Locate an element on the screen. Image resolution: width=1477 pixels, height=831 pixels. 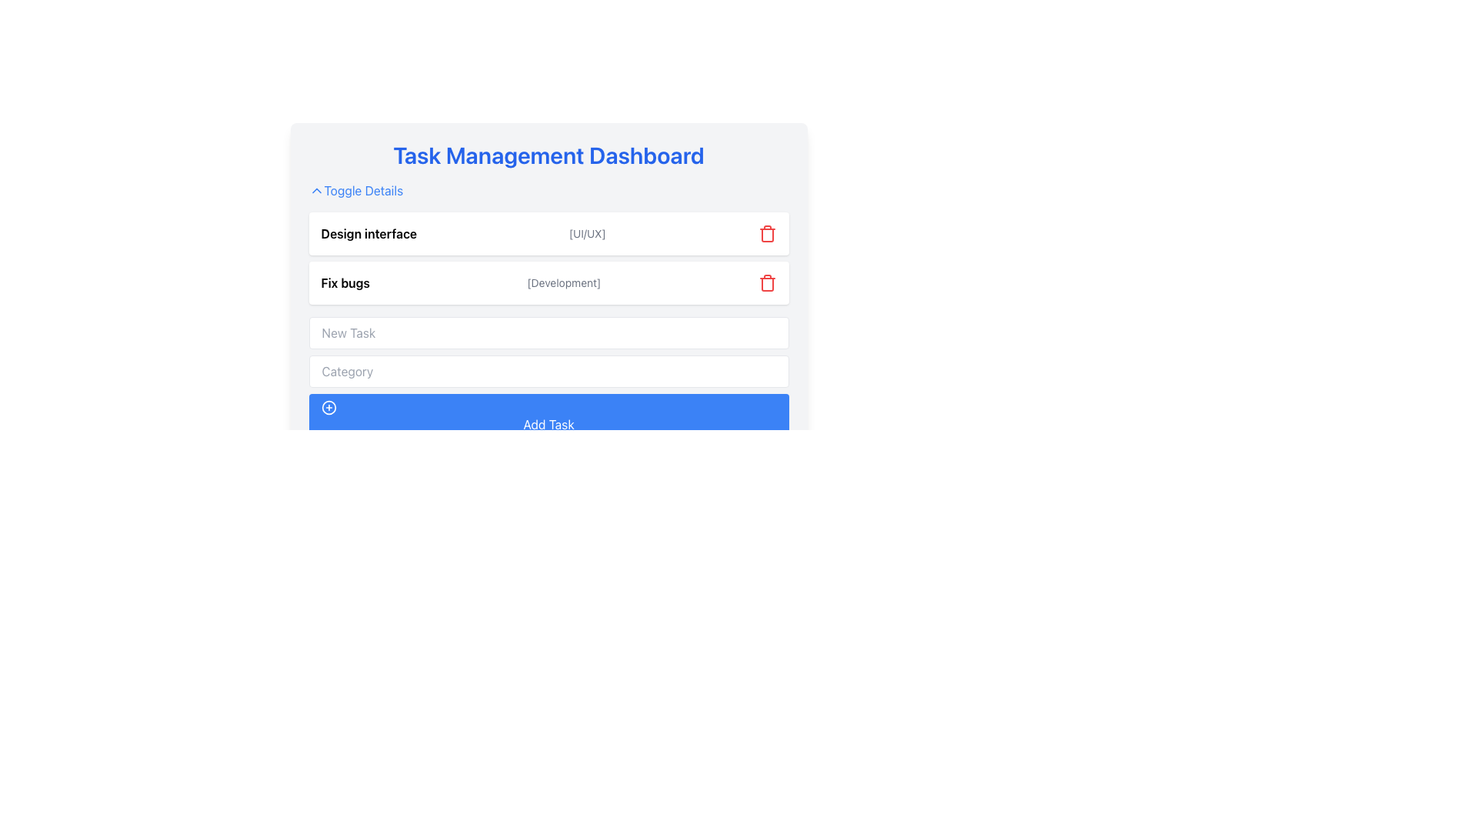
the text label that serves as a category or tag indicator for the 'Design interface' task, positioned to the right of the 'Design interface' label in the topmost task entry is located at coordinates (586, 234).